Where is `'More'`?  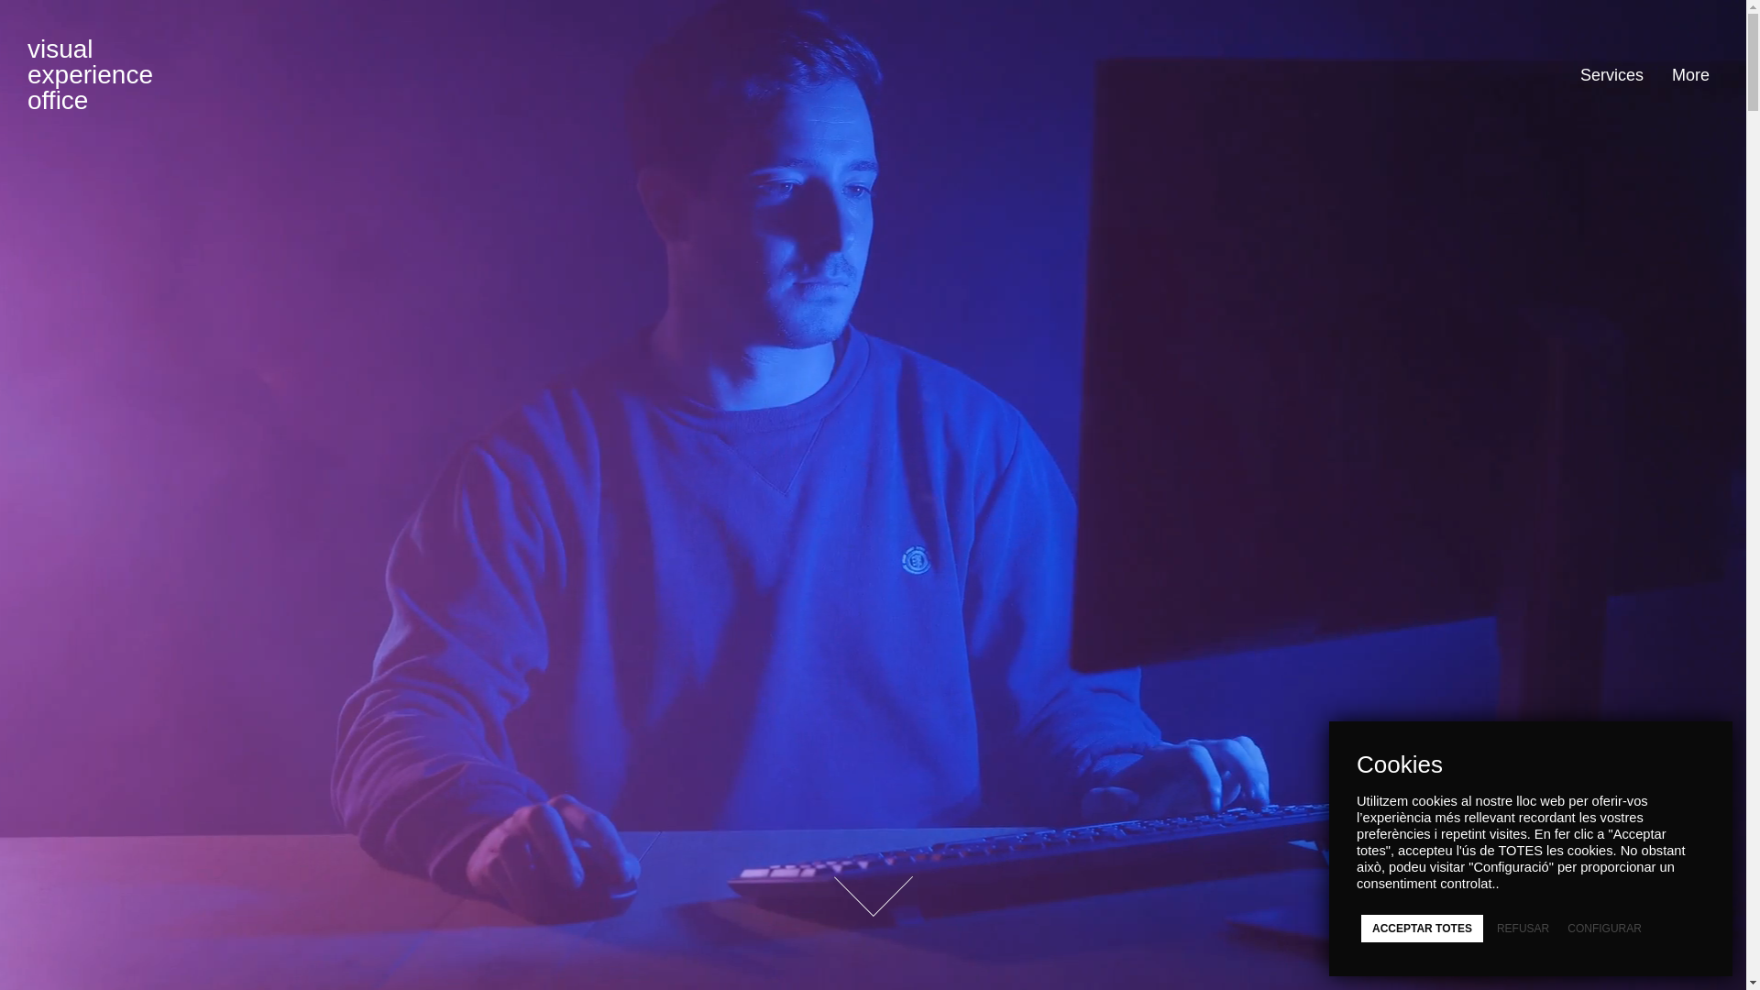
'More' is located at coordinates (1684, 73).